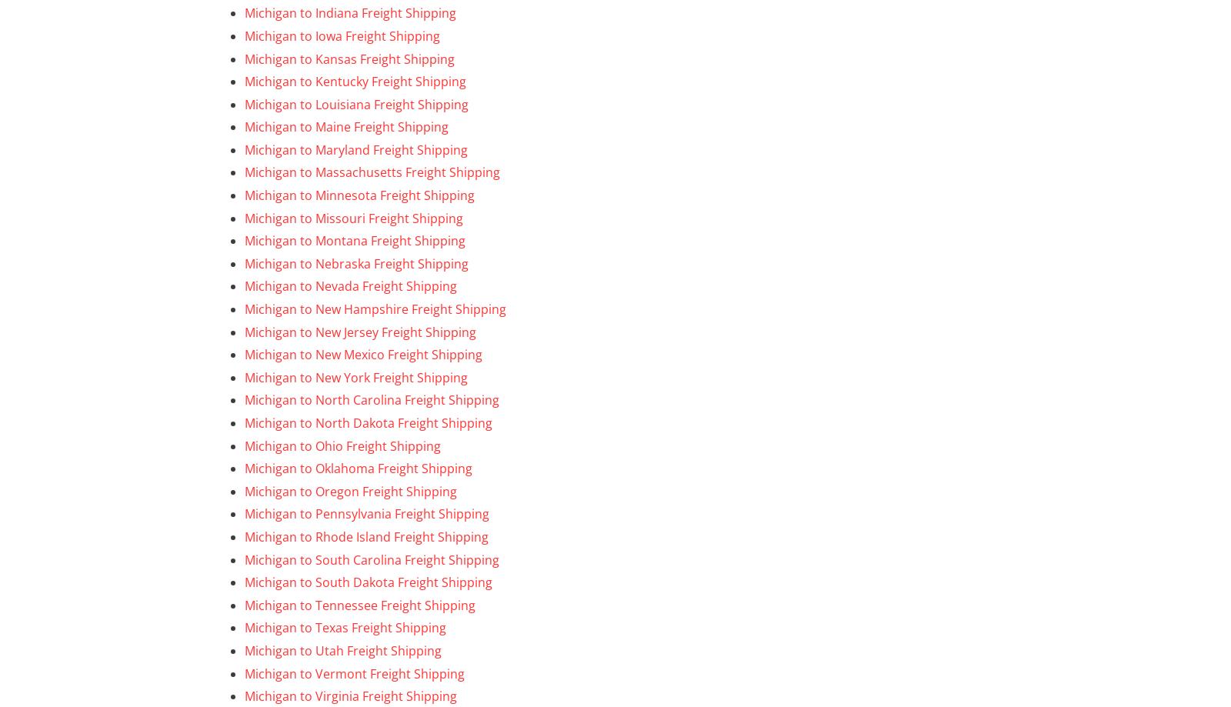 The width and height of the screenshot is (1231, 707). What do you see at coordinates (344, 627) in the screenshot?
I see `'Michigan to Texas Freight Shipping'` at bounding box center [344, 627].